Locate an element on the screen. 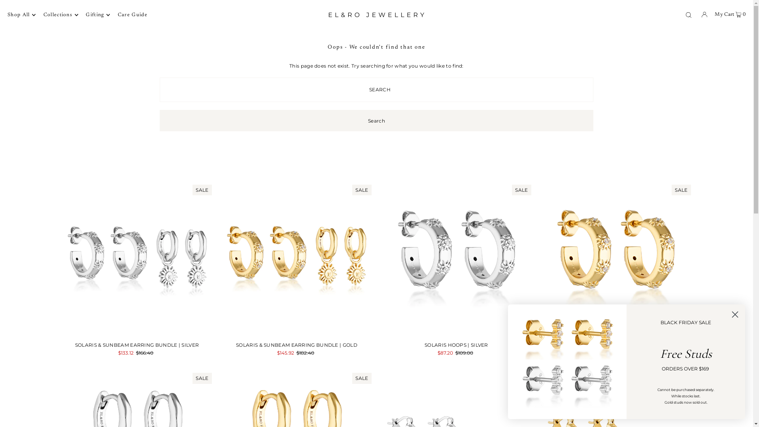  'Close dialog 1' is located at coordinates (734, 314).